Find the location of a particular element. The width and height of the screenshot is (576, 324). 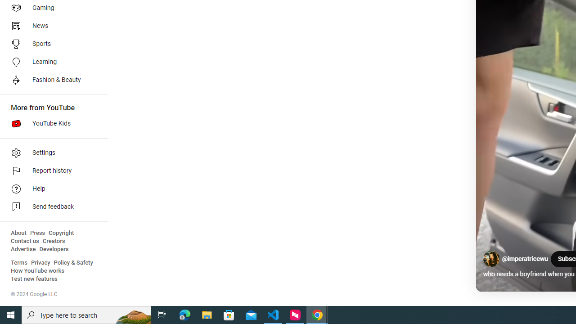

'Advertise' is located at coordinates (23, 249).